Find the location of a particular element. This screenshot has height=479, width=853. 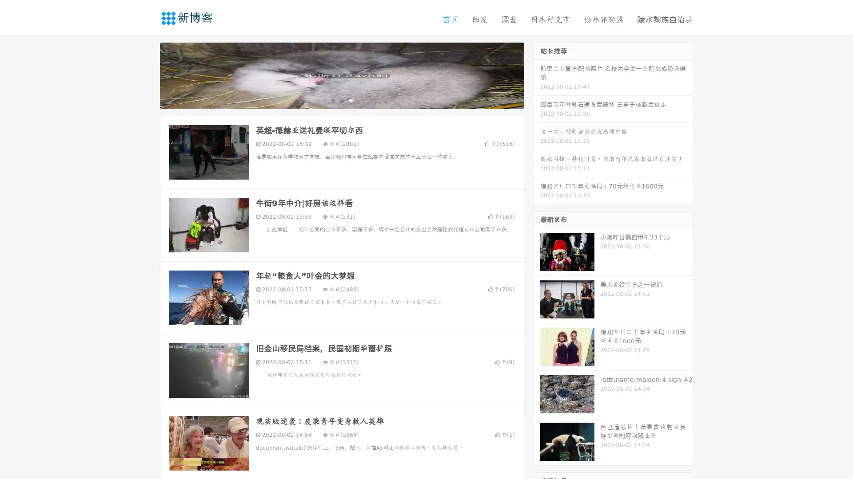

Go to slide 3 is located at coordinates (351, 100).